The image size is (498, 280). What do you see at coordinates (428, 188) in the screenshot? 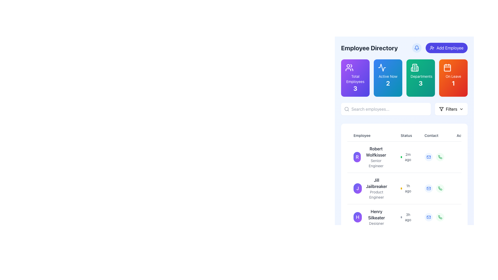
I see `the circular blue envelope button` at bounding box center [428, 188].